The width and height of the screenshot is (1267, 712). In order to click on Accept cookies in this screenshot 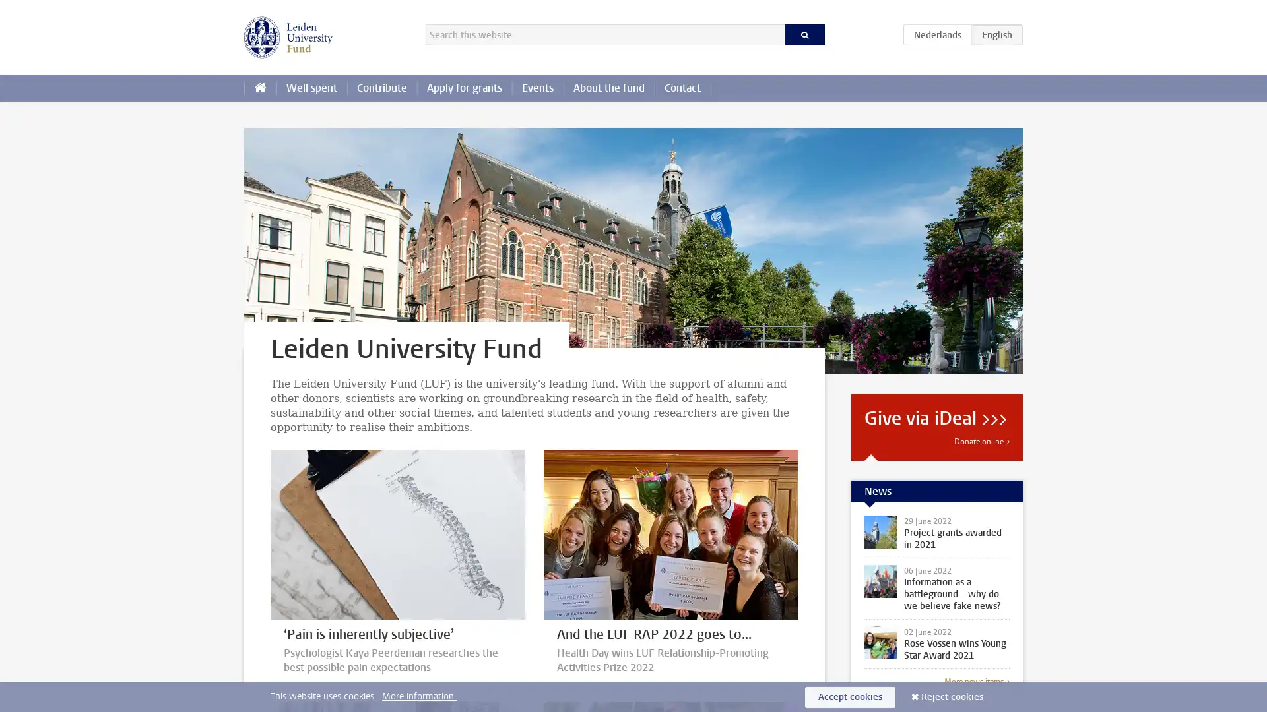, I will do `click(850, 696)`.